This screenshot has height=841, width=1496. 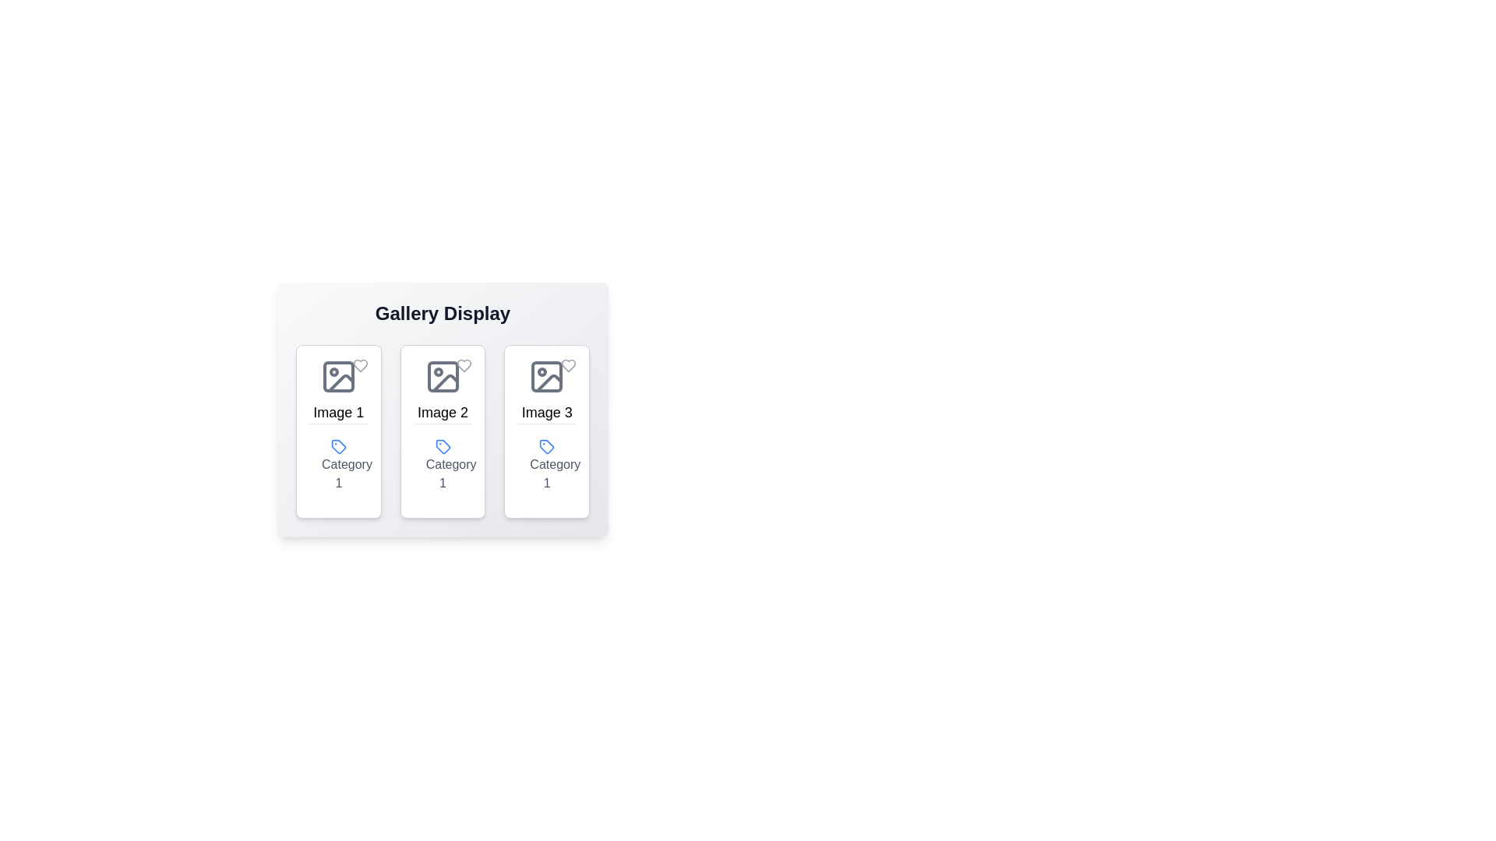 What do you see at coordinates (567, 366) in the screenshot?
I see `the heart-shaped icon in the top-right corner of the card for 'Image 3' to change its appearance from gray to red` at bounding box center [567, 366].